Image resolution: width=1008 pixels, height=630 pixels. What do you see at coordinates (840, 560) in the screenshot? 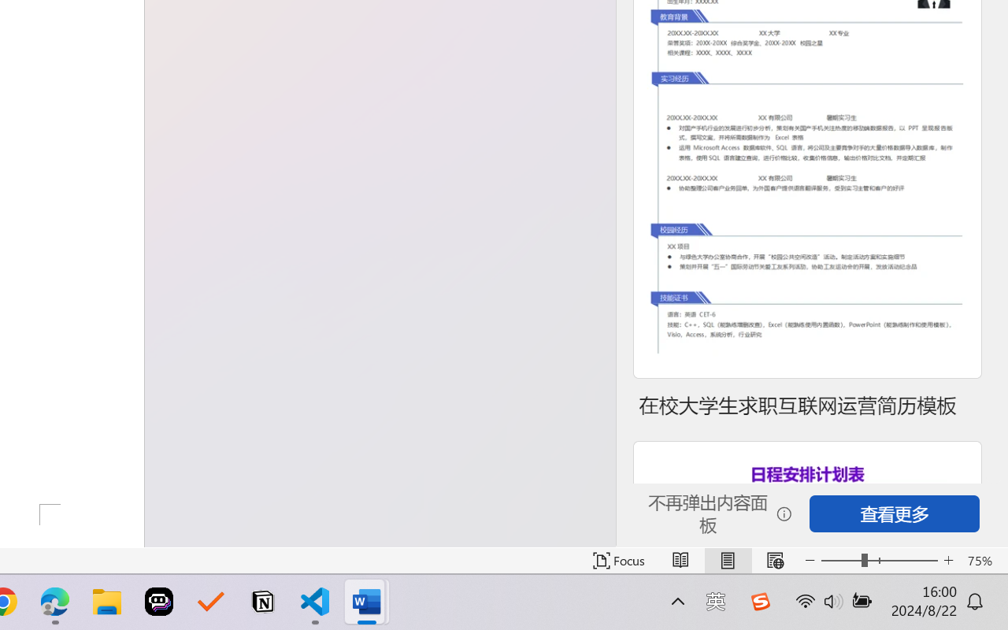
I see `'Zoom Out'` at bounding box center [840, 560].